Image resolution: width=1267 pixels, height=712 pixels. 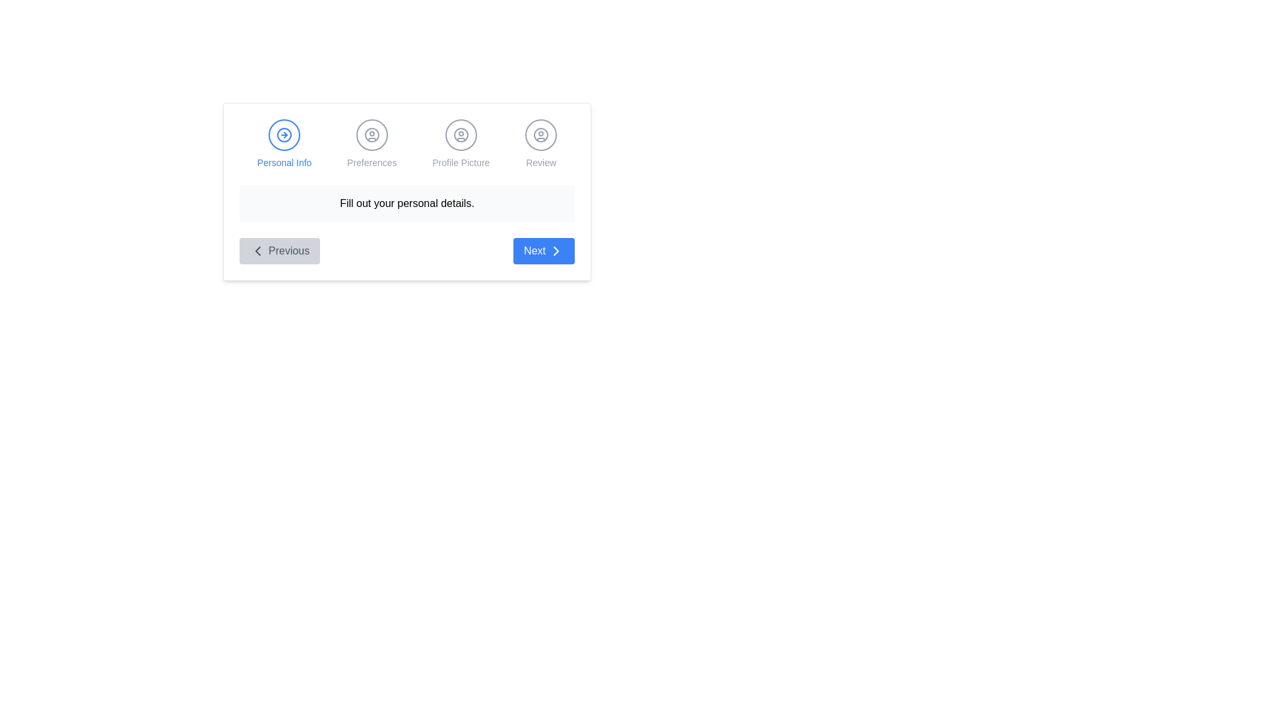 I want to click on the circular shape embedded in the SVG graphic that is part of the right-arrow symbol, so click(x=284, y=134).